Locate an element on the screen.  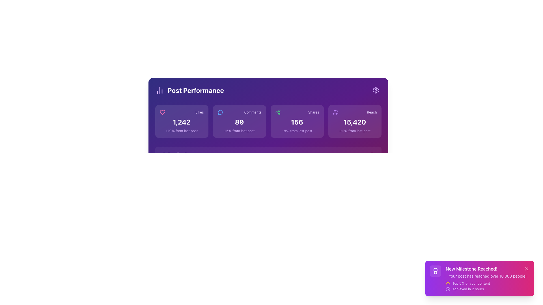
the text label 'Post Performance', which is a prominently styled title in bold white font on a solid purple background, positioned at the top-left of a section above key performance indicators is located at coordinates (196, 90).